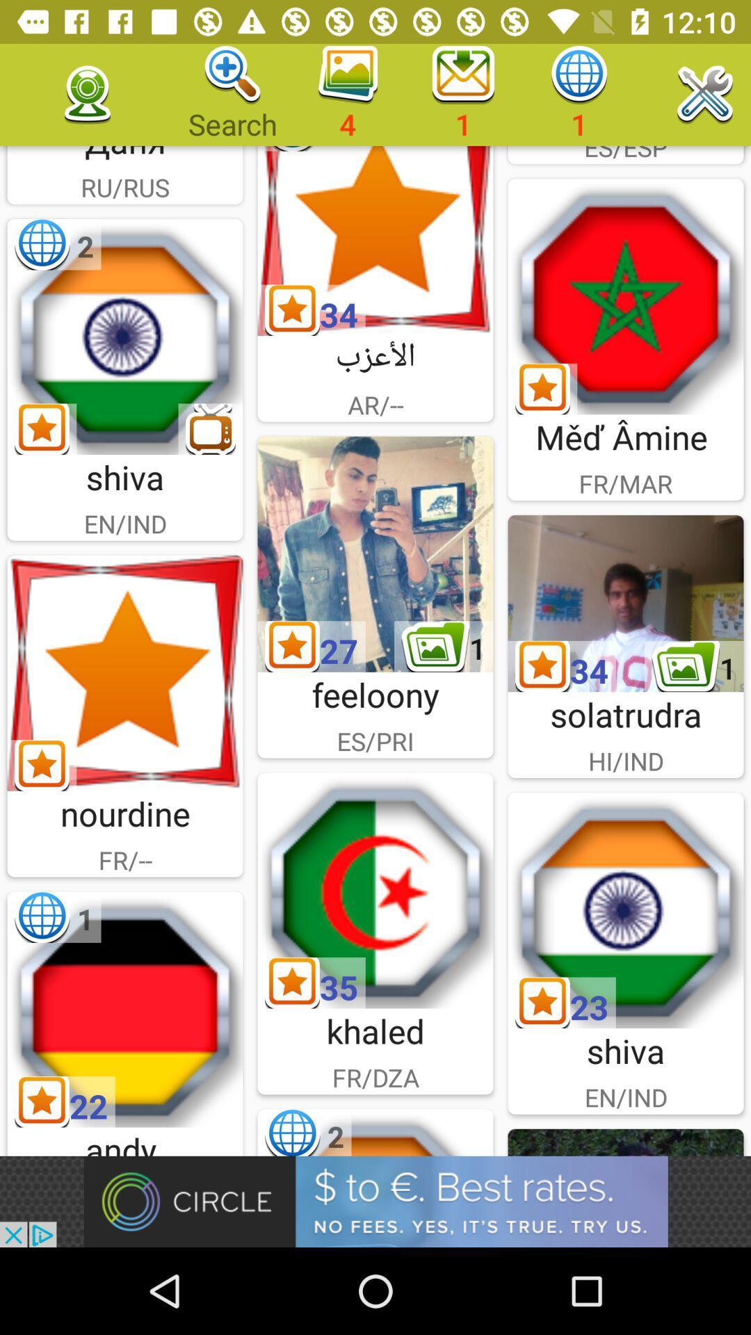 The image size is (751, 1335). What do you see at coordinates (624, 604) in the screenshot?
I see `show detail` at bounding box center [624, 604].